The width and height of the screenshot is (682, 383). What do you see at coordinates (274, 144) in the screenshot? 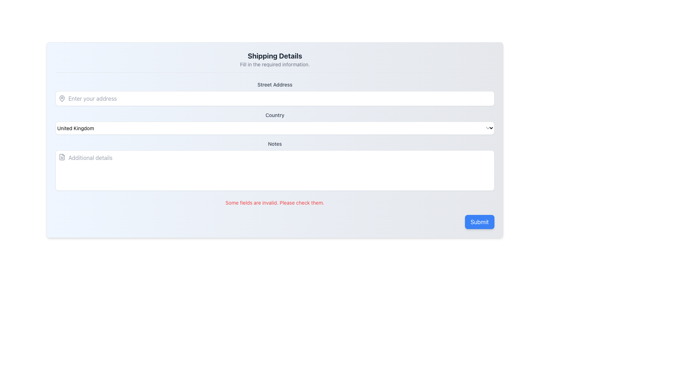
I see `the 'Additional details' label that is positioned above the multiline text input area, providing context for the input field below it` at bounding box center [274, 144].